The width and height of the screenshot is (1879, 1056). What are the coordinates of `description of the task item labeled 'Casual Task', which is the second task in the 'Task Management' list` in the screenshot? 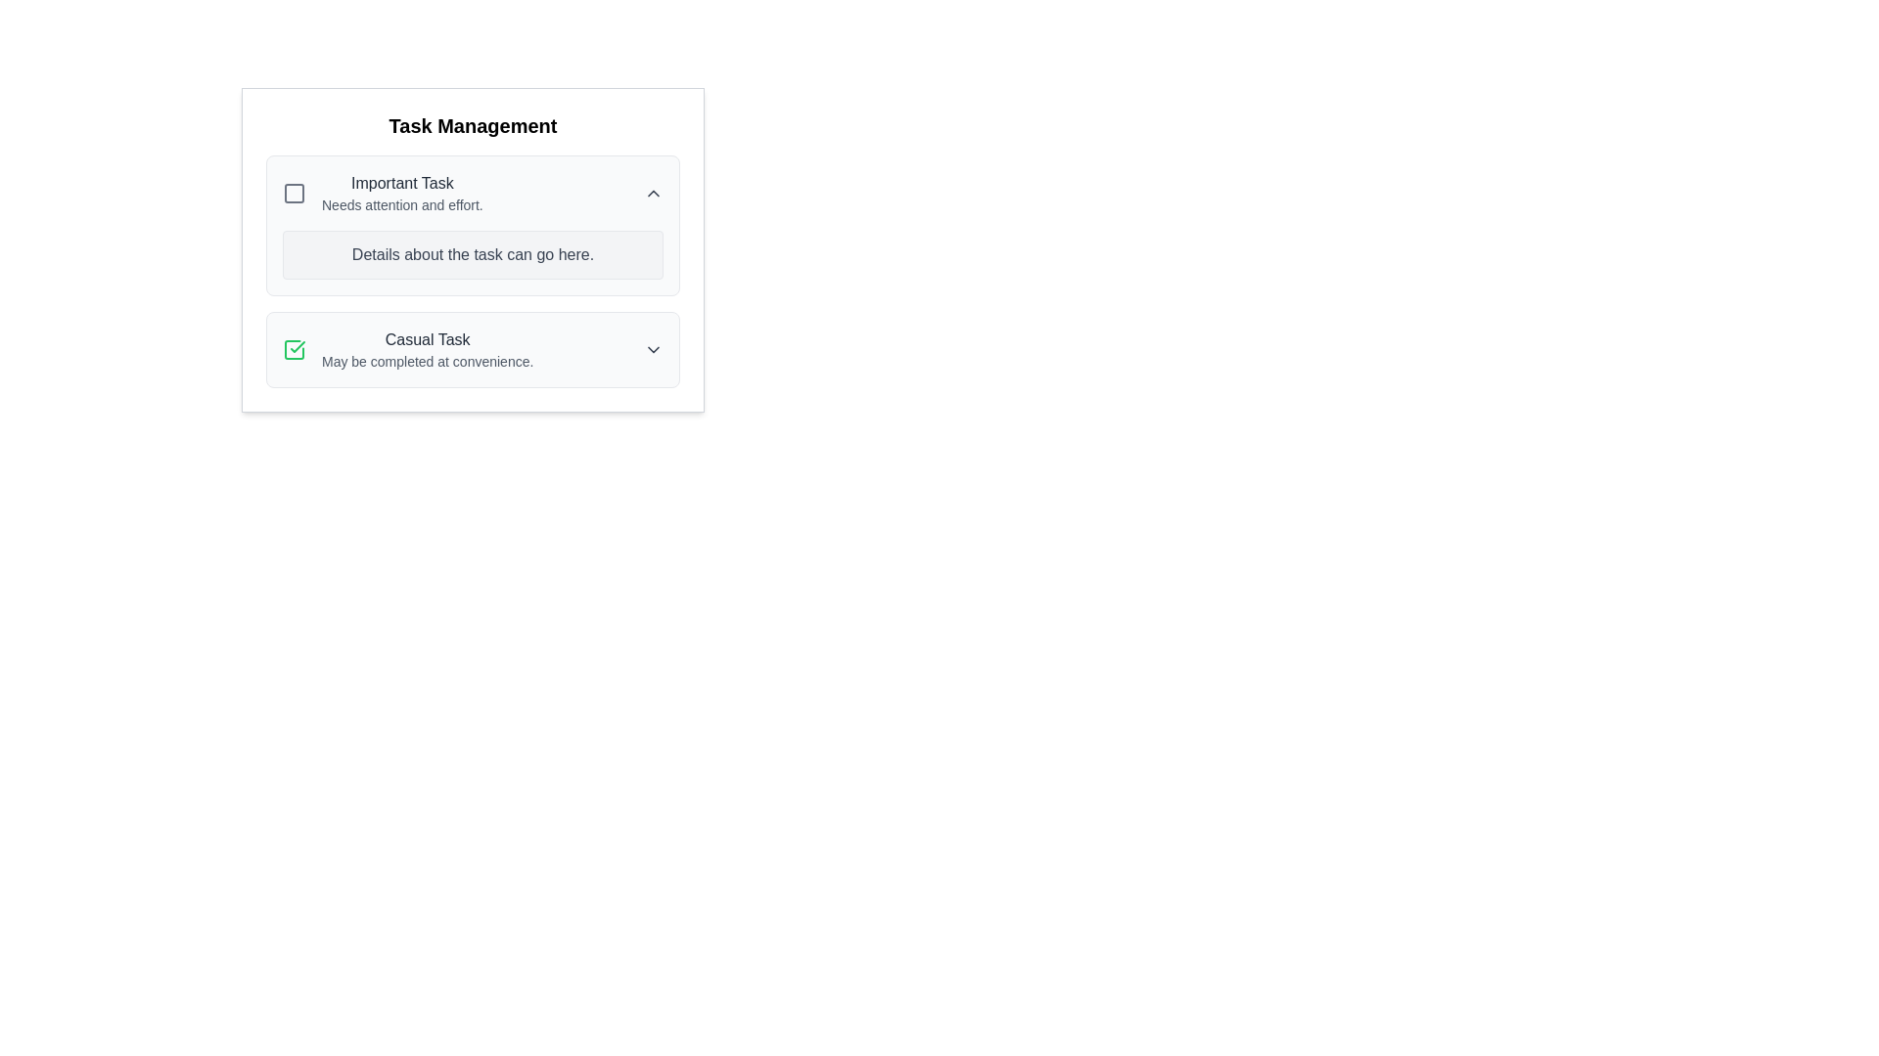 It's located at (407, 349).